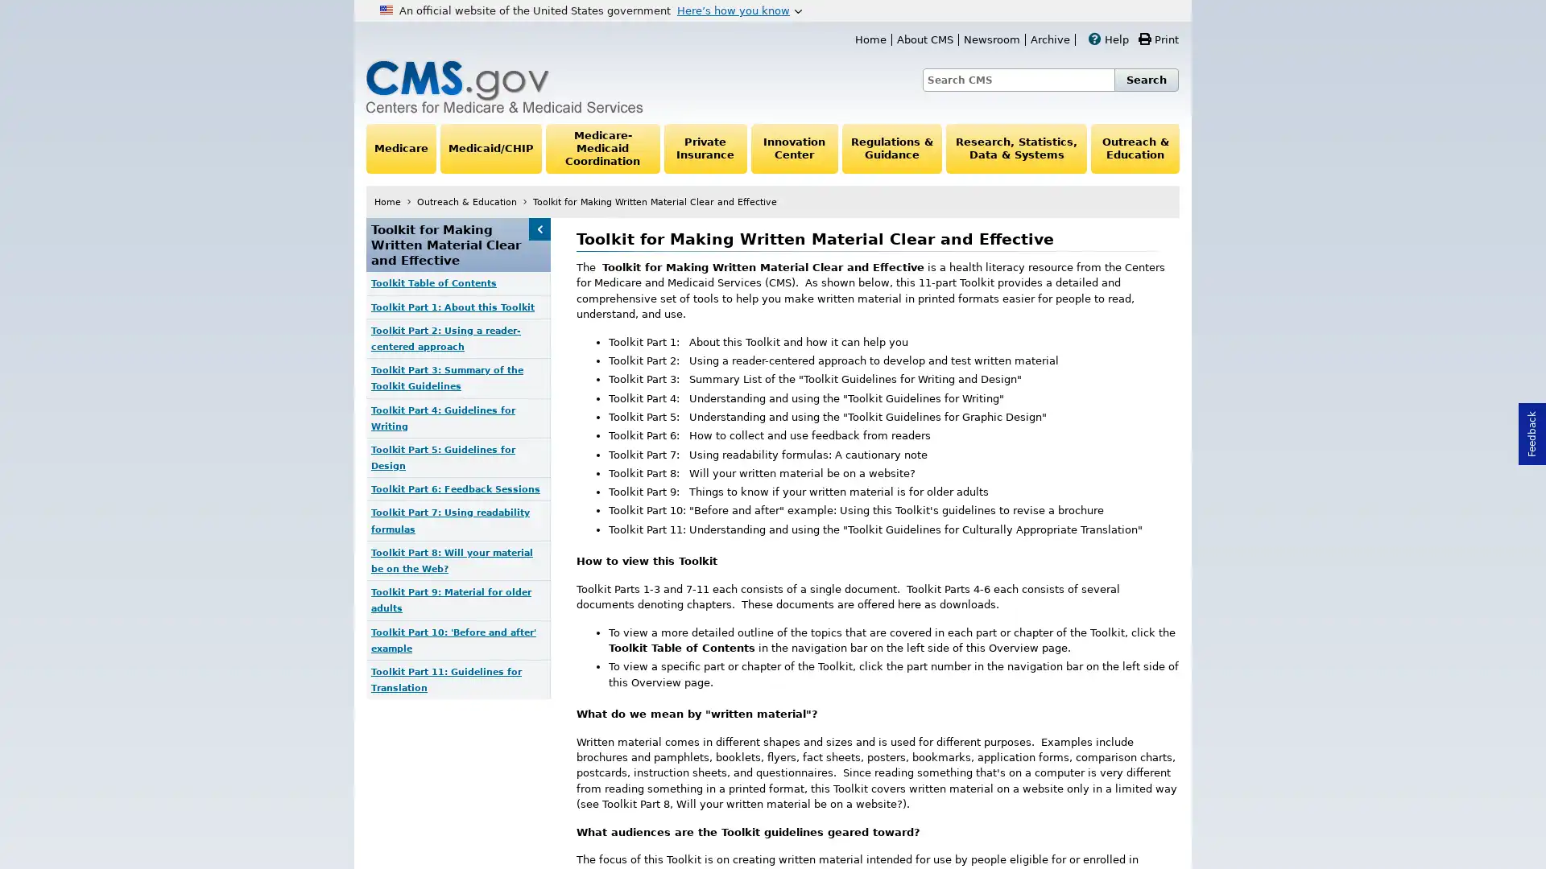 The height and width of the screenshot is (869, 1546). What do you see at coordinates (738, 10) in the screenshot?
I see `Heres how you know` at bounding box center [738, 10].